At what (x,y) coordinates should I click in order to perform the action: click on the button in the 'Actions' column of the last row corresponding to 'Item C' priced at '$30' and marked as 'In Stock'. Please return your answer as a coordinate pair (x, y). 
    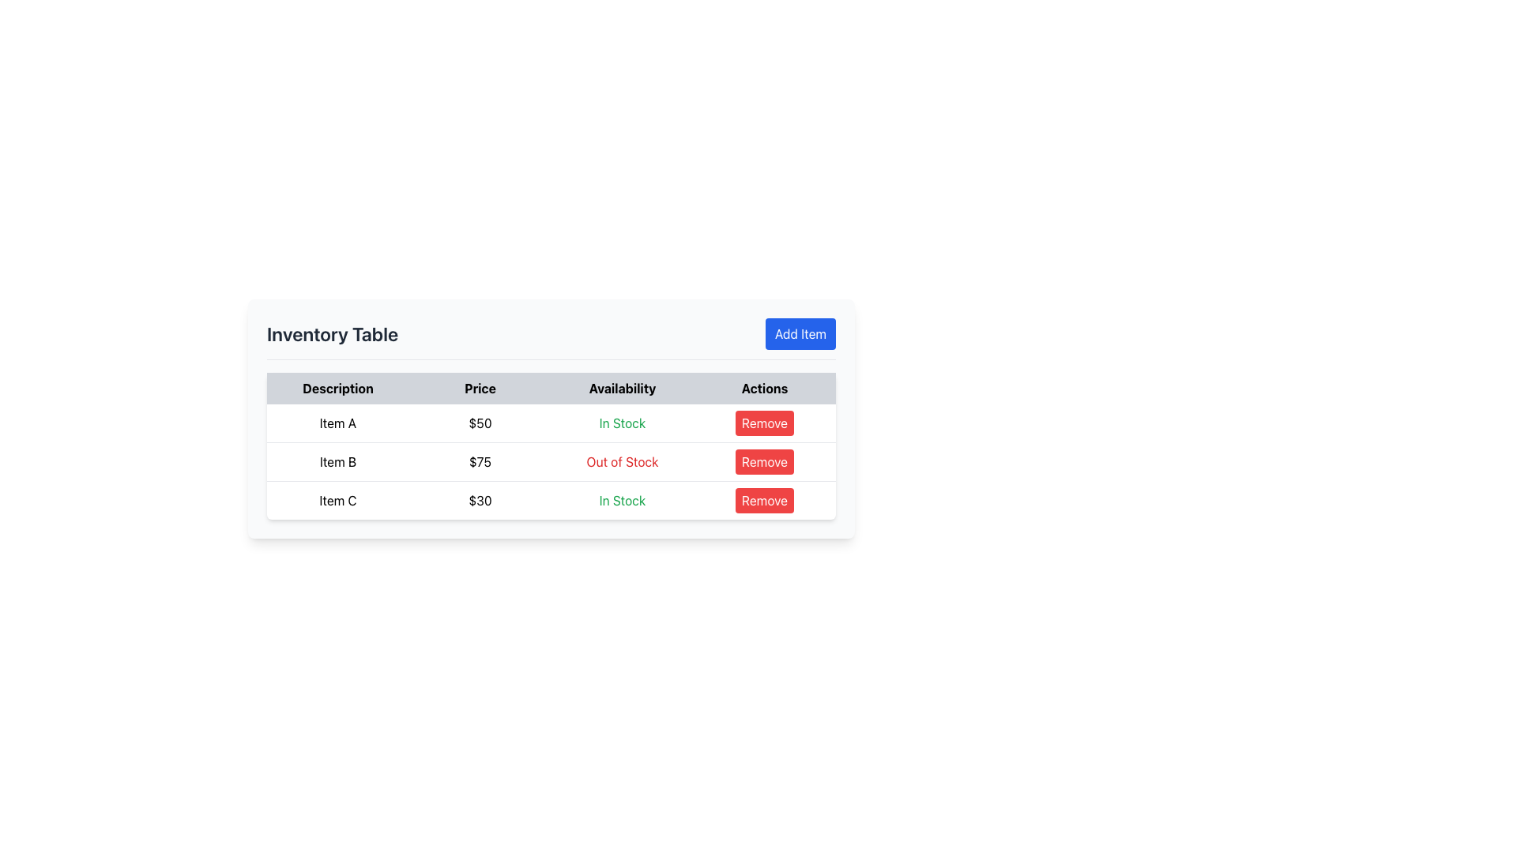
    Looking at the image, I should click on (765, 500).